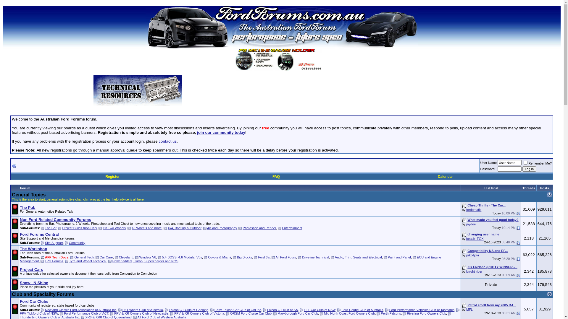  What do you see at coordinates (518, 227) in the screenshot?
I see `'Go to last post'` at bounding box center [518, 227].